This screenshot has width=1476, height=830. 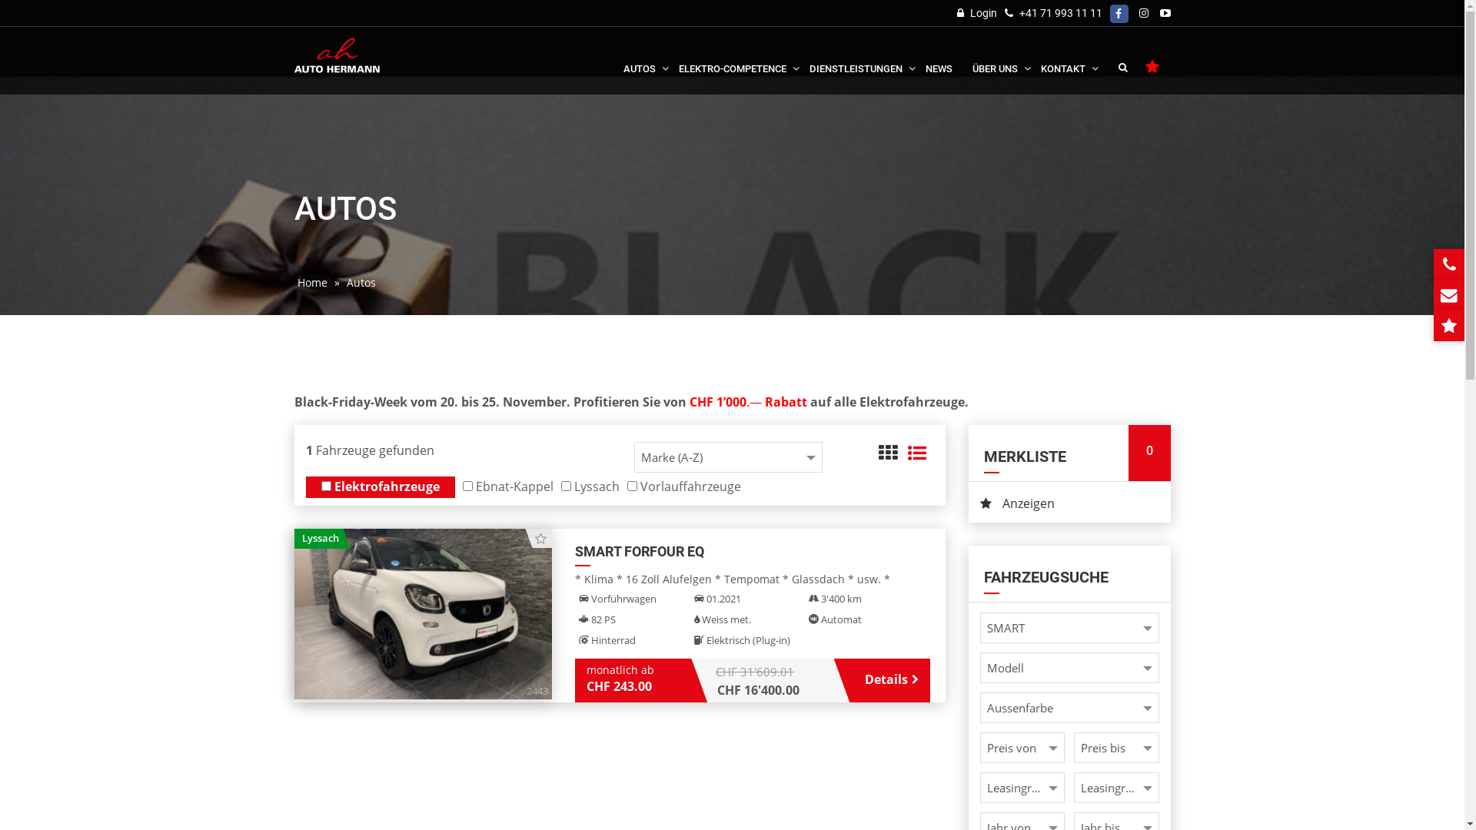 I want to click on '+41 71 993 11 11', so click(x=1058, y=12).